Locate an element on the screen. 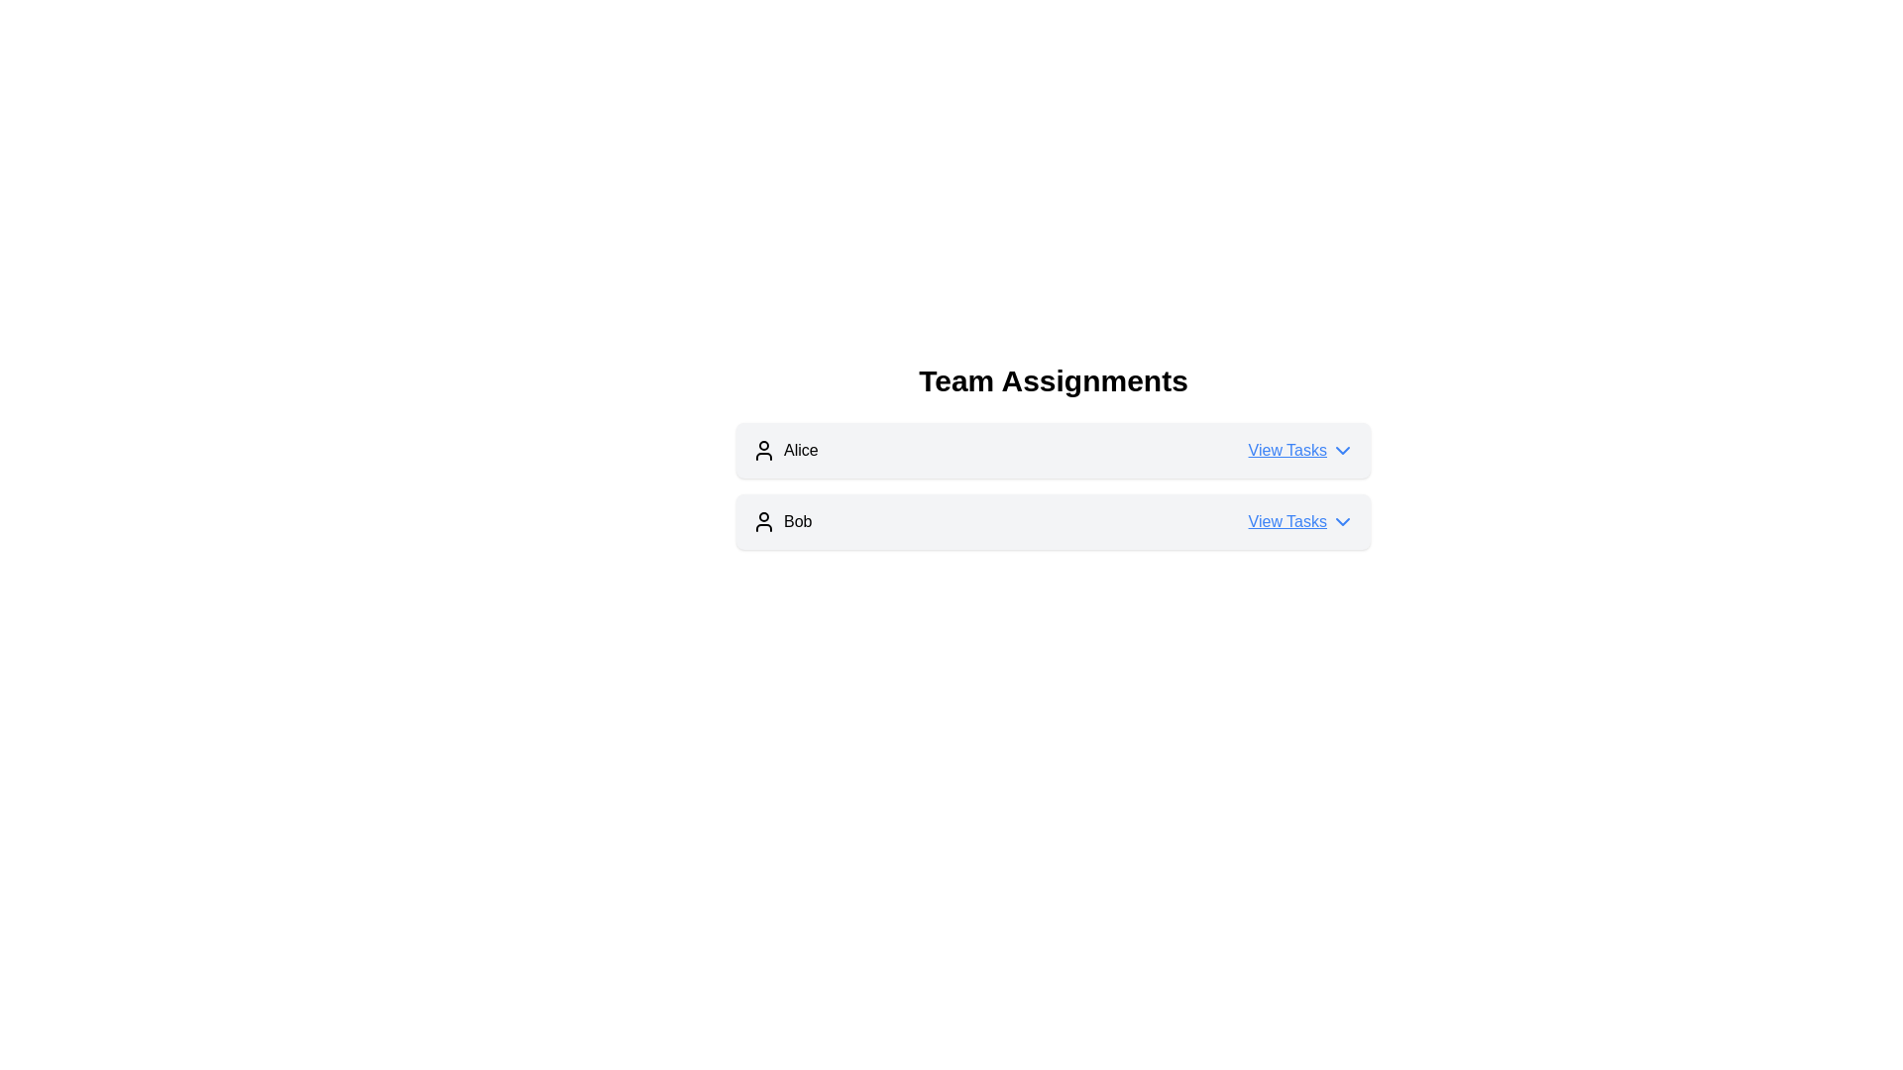 The image size is (1903, 1070). the text label displaying the name 'Alice' is located at coordinates (800, 451).